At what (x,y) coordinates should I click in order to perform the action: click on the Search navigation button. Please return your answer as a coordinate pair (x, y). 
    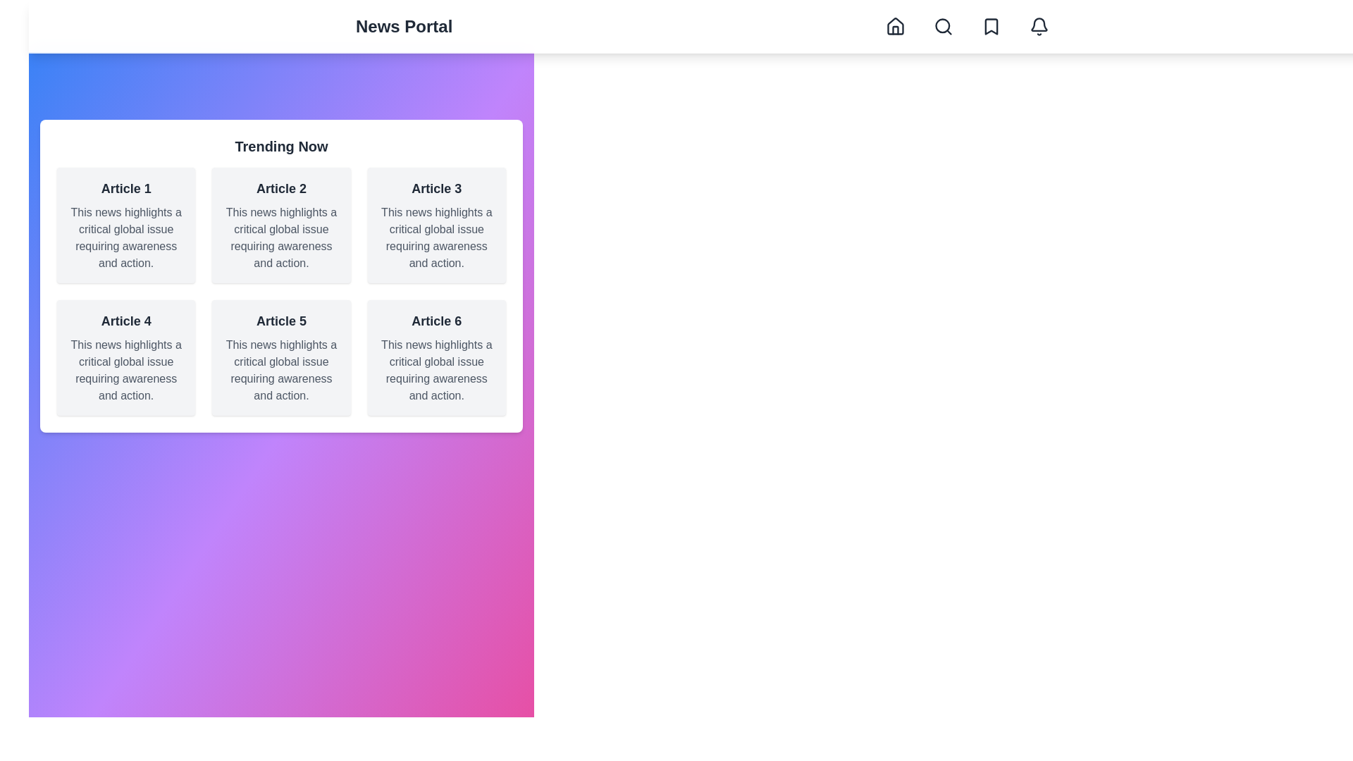
    Looking at the image, I should click on (944, 27).